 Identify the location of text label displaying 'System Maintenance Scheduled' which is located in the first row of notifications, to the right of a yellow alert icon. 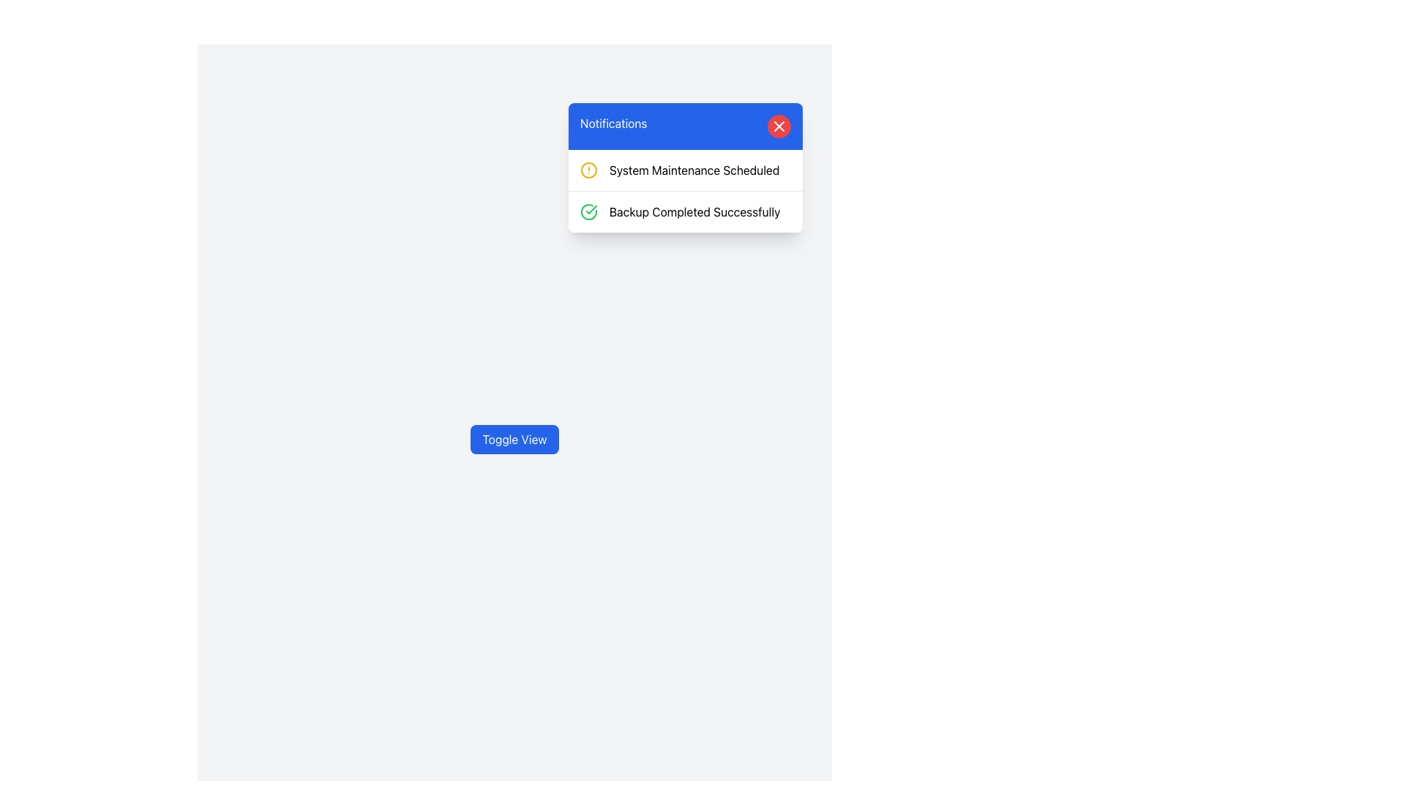
(694, 169).